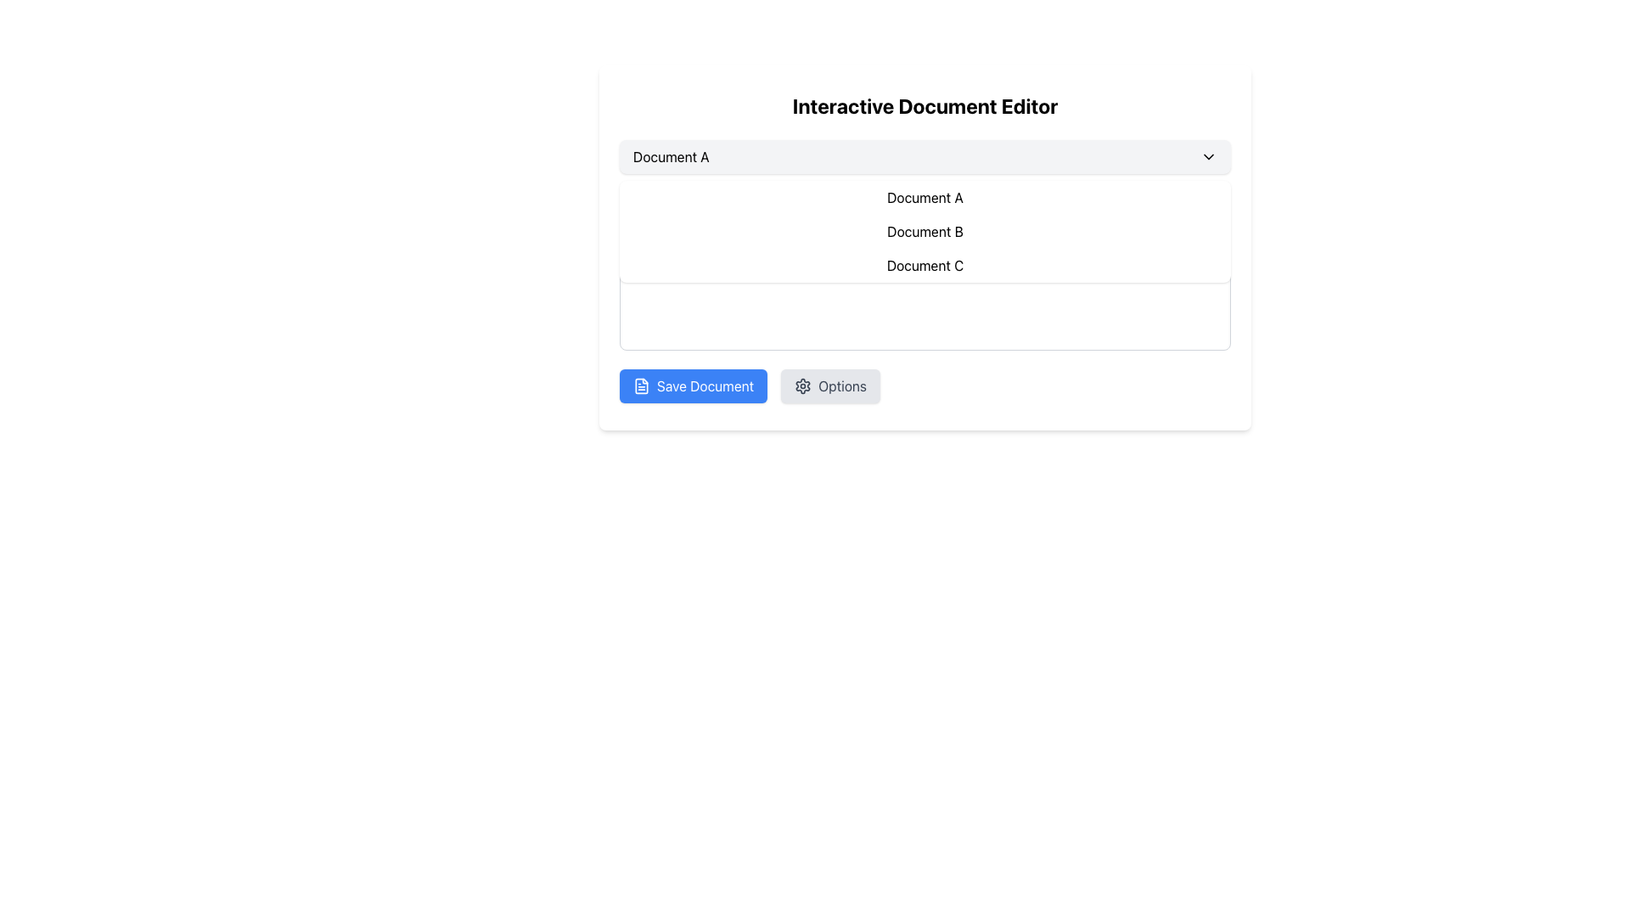  I want to click on the document icon located within the blue 'Save Document' button at the bottom-left area of the UI, positioned to the left of the button text, so click(640, 386).